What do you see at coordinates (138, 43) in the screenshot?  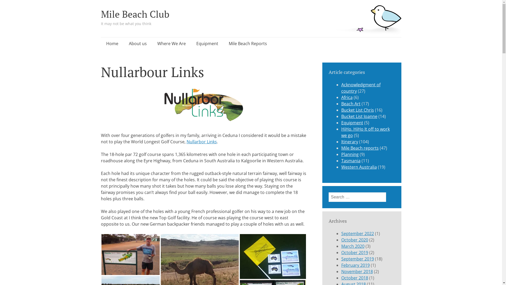 I see `'About us'` at bounding box center [138, 43].